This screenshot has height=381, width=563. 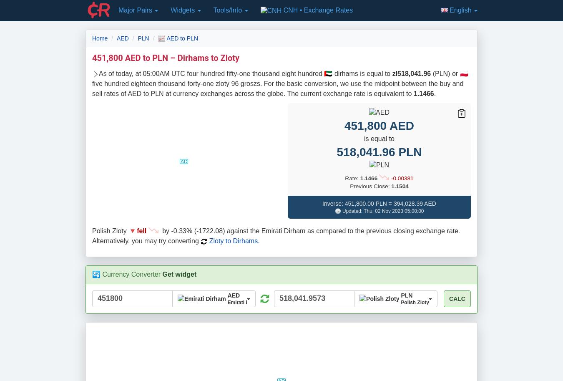 I want to click on 'Emirati Dirham', so click(x=245, y=302).